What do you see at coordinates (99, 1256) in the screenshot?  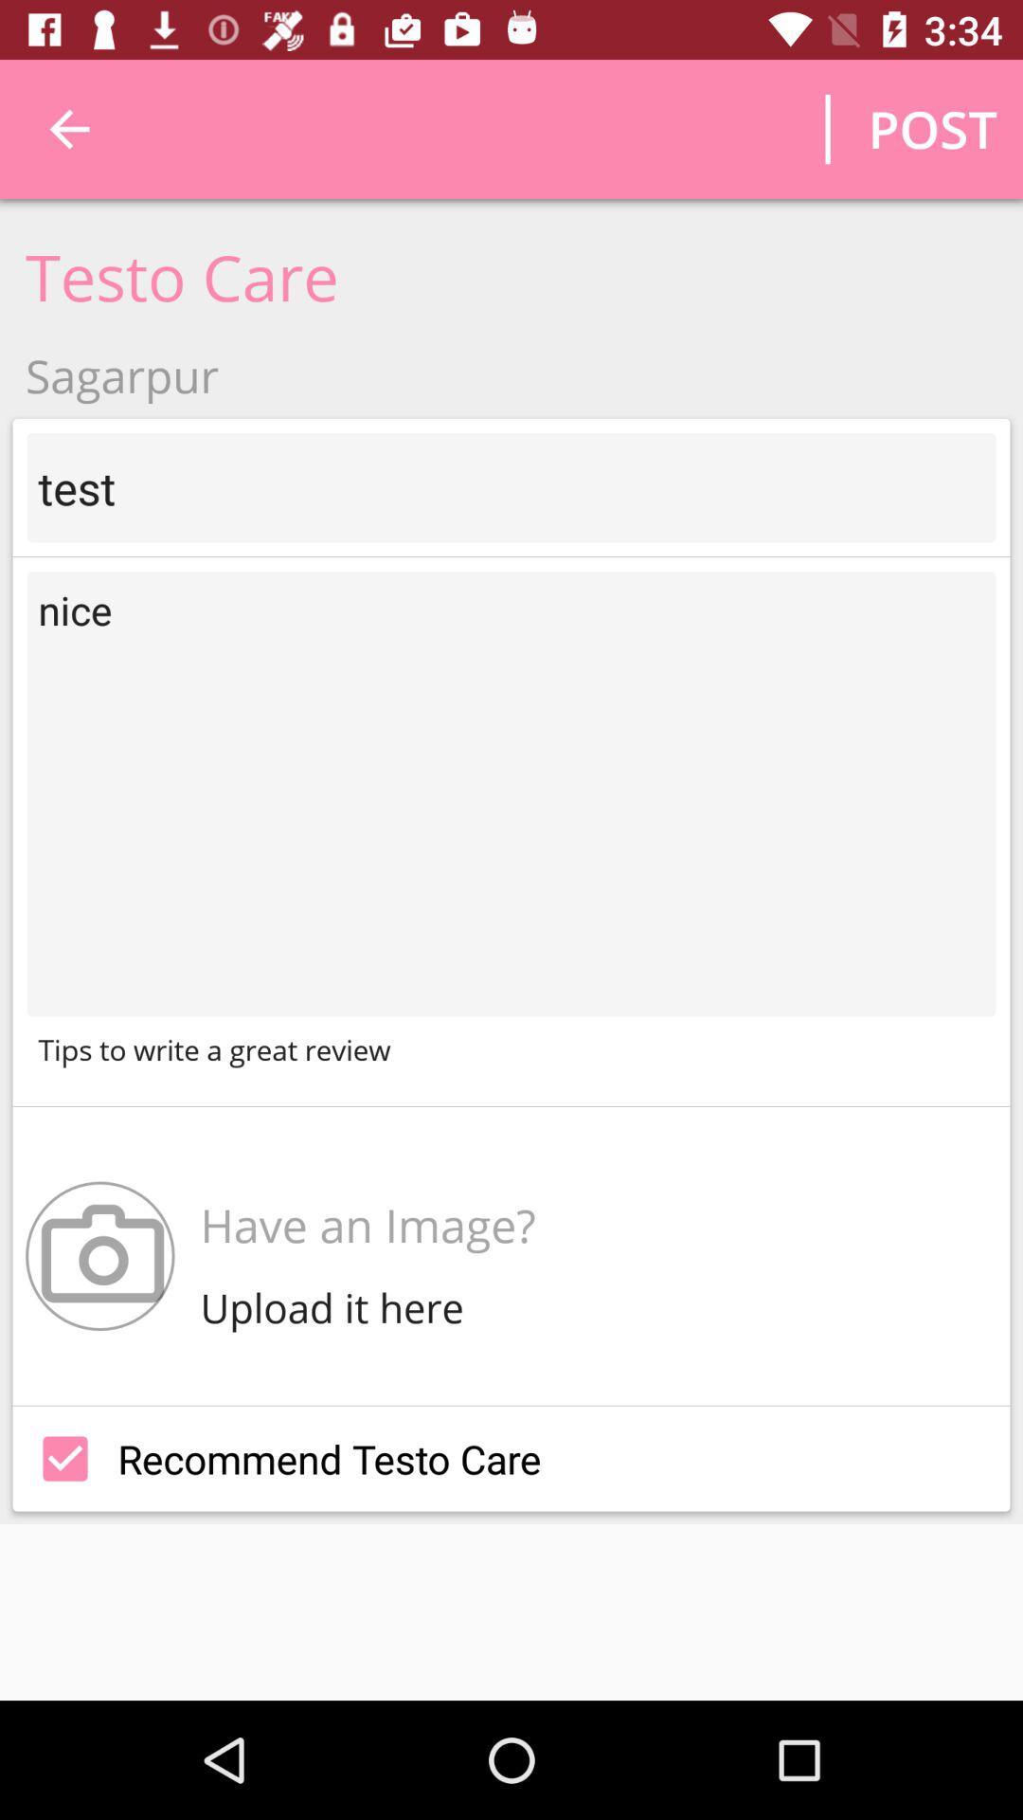 I see `icon to the left of have an image? icon` at bounding box center [99, 1256].